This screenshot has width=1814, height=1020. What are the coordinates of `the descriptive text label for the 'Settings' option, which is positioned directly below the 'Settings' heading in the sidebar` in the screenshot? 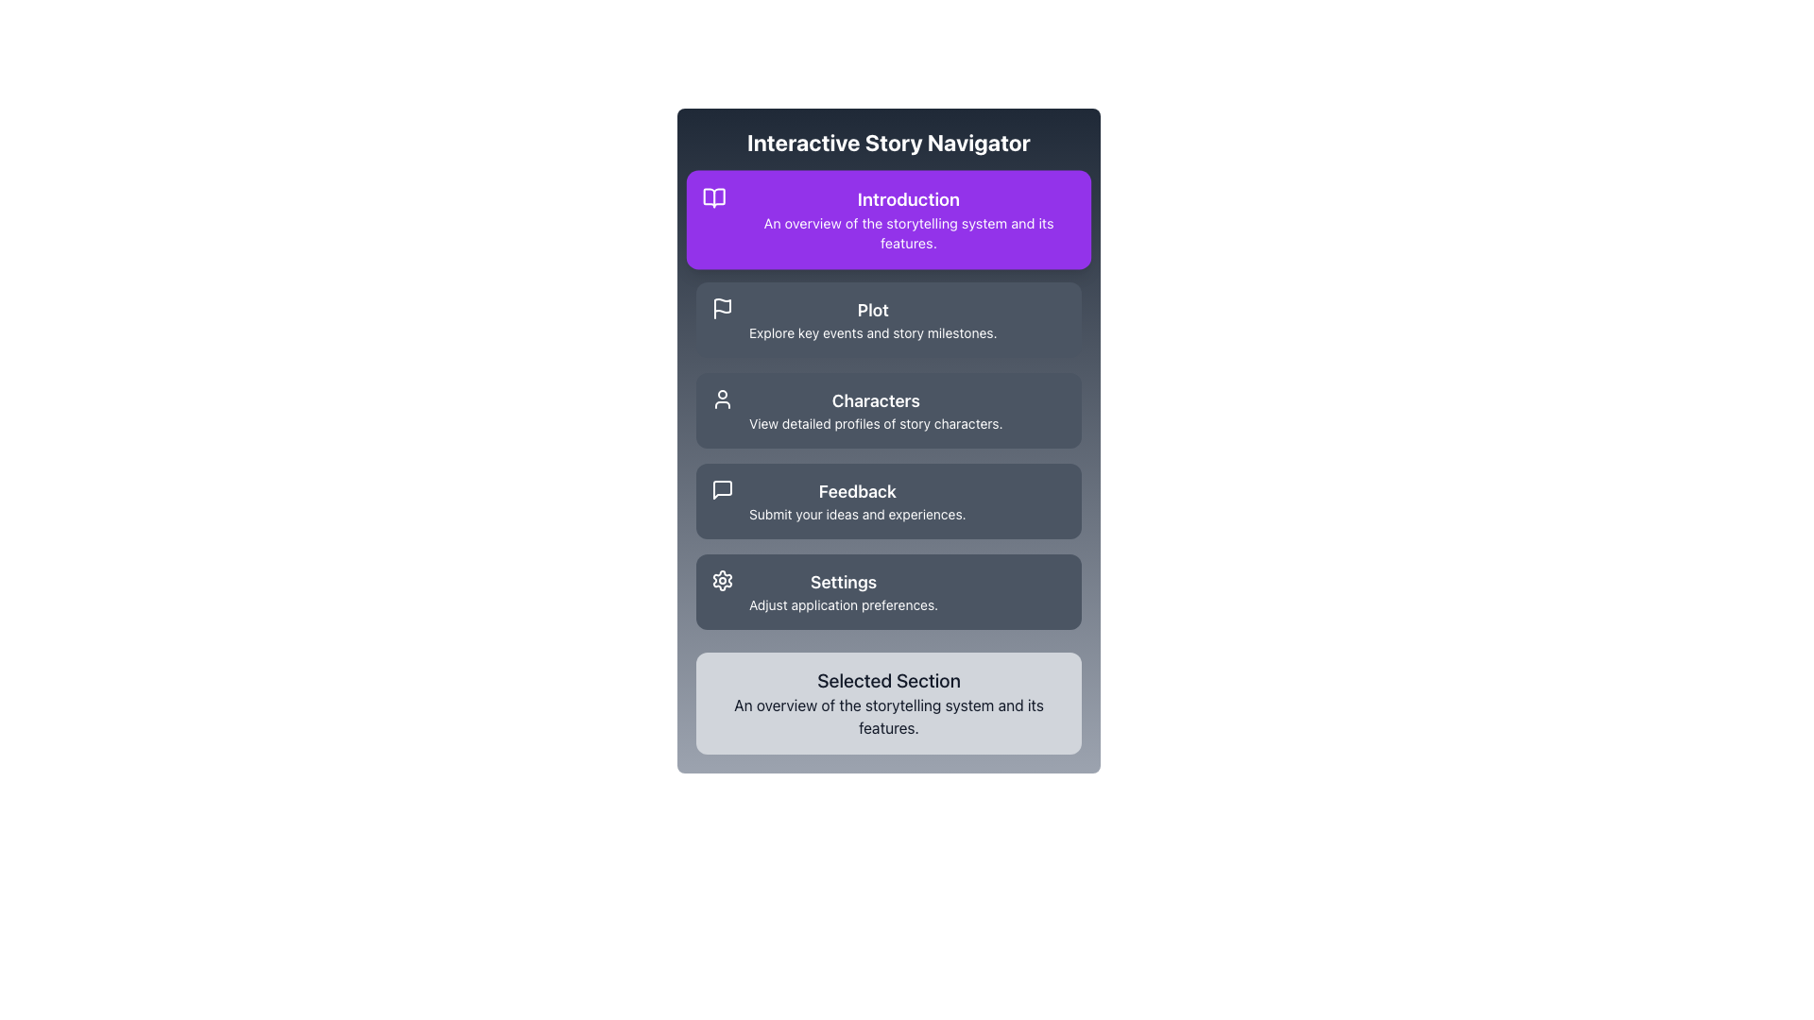 It's located at (843, 604).